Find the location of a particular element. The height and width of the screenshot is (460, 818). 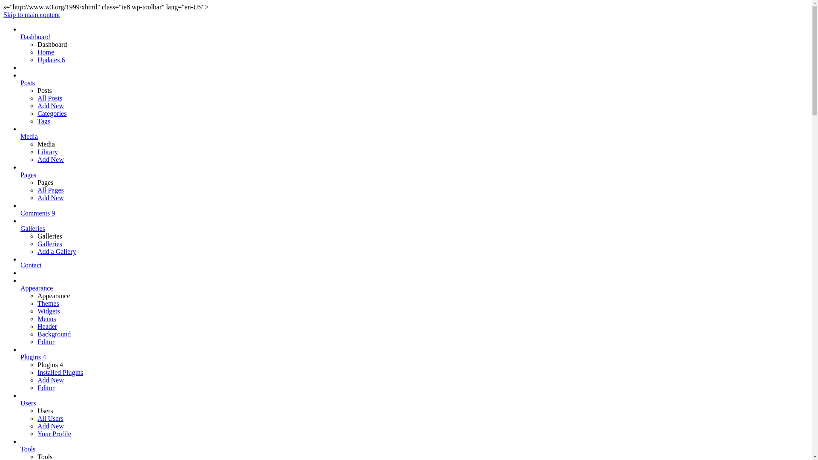

'Categories' is located at coordinates (51, 113).